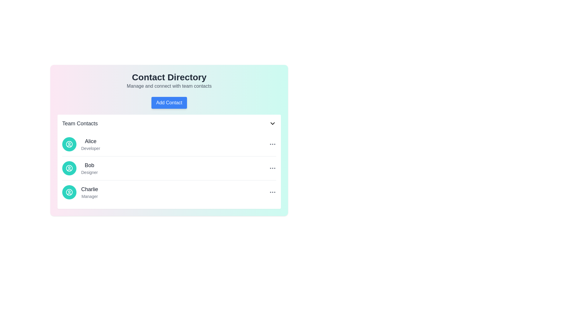 The width and height of the screenshot is (569, 320). What do you see at coordinates (90, 148) in the screenshot?
I see `the text label displaying the word 'Developer', which is positioned directly beneath the text label 'Alice' in the directory list` at bounding box center [90, 148].